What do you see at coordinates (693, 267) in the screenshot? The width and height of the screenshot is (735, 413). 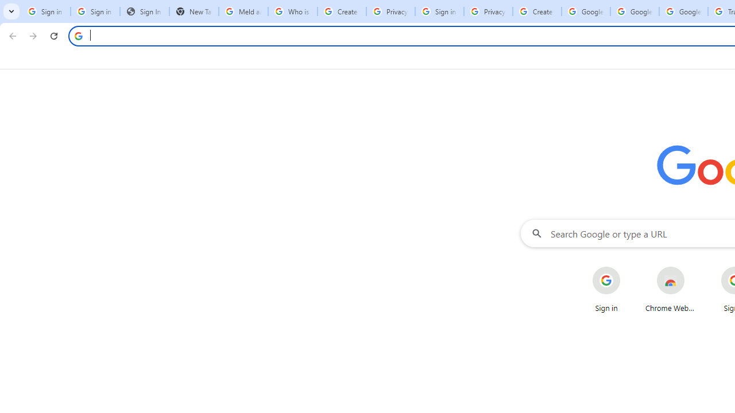 I see `'More actions for Chrome Web Store shortcut'` at bounding box center [693, 267].